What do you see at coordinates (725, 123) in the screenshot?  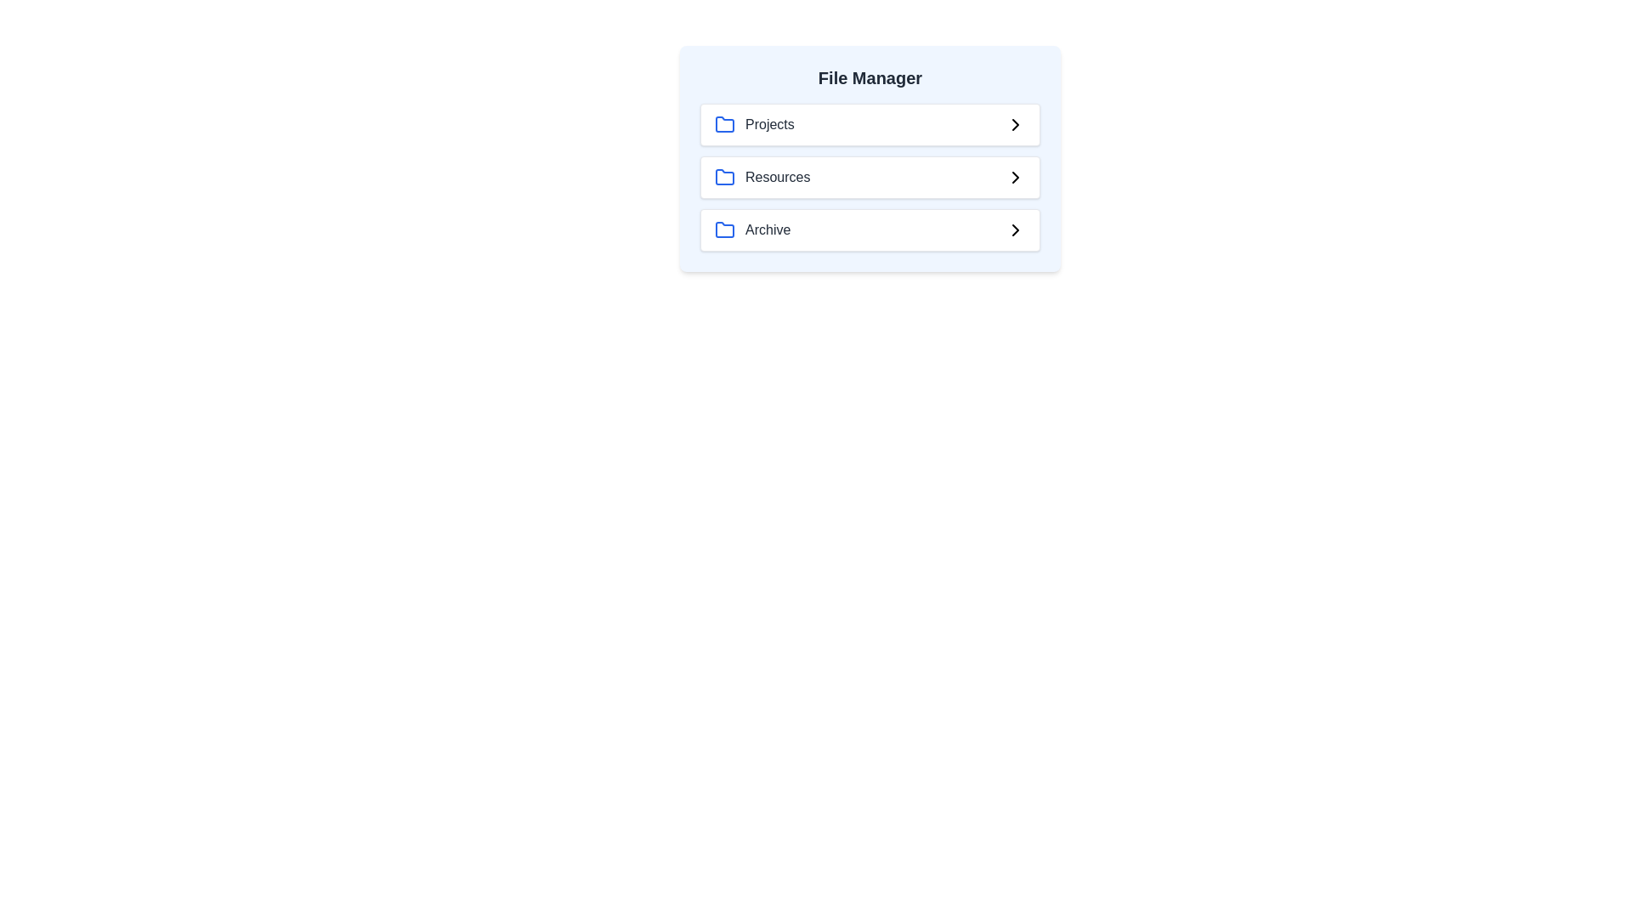 I see `the folder icon with a blue outline located to the left of the text label 'Projects' in the 'File Manager' section` at bounding box center [725, 123].